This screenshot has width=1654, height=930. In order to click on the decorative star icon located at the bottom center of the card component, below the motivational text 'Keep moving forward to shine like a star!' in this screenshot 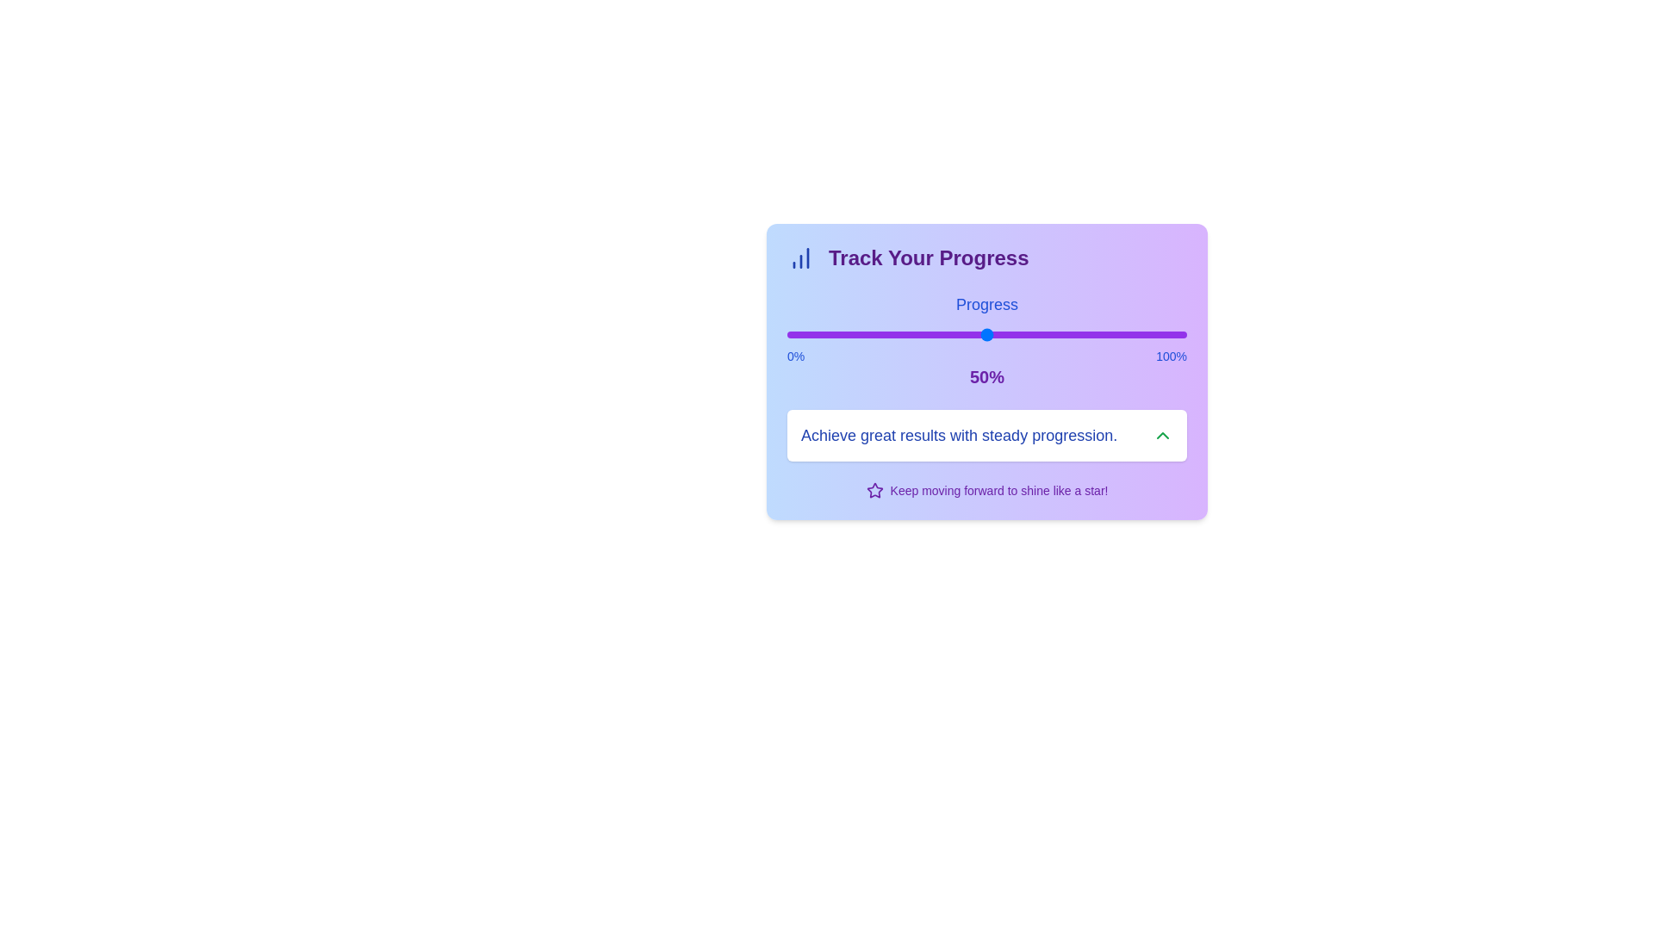, I will do `click(874, 490)`.